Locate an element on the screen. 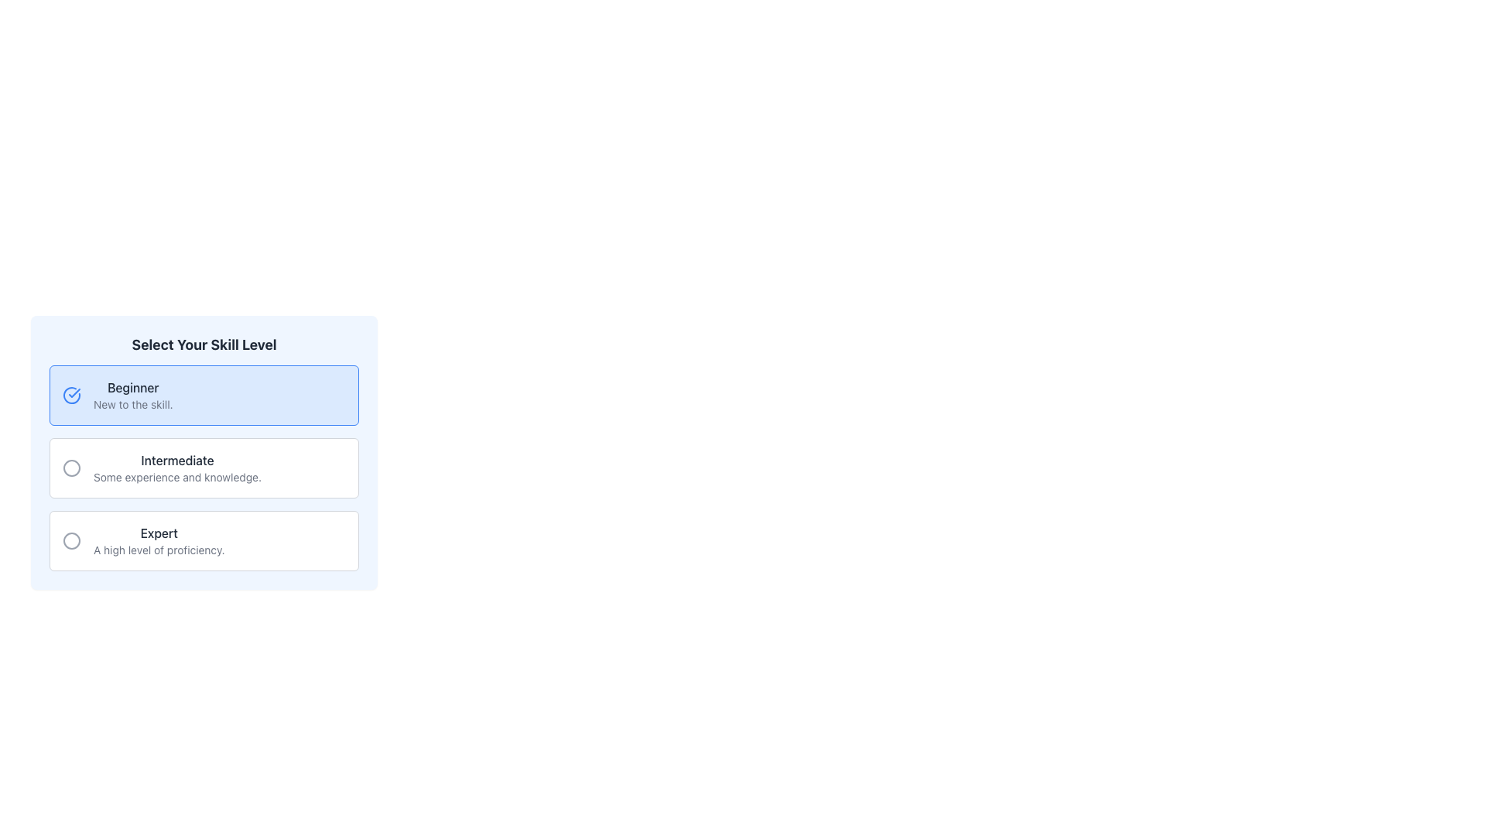 This screenshot has height=836, width=1486. the 'Intermediate' selectable card in the skill level selection interface to trigger any UI changes is located at coordinates (204, 453).